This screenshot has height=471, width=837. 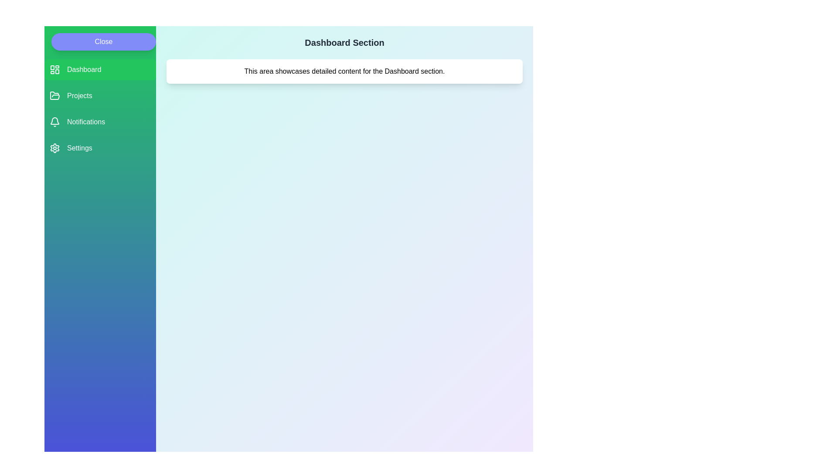 What do you see at coordinates (100, 96) in the screenshot?
I see `the menu item corresponding to Projects to switch the active section` at bounding box center [100, 96].